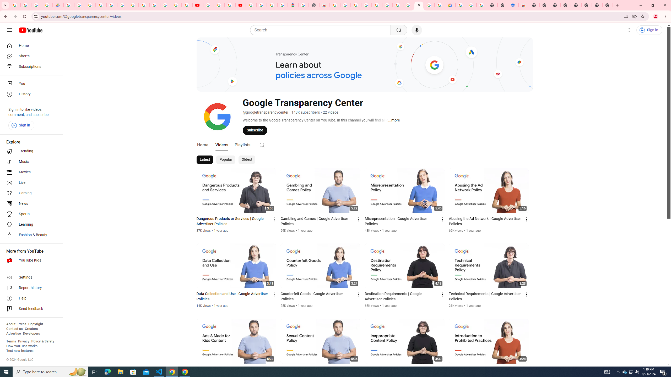 The width and height of the screenshot is (671, 377). I want to click on 'Subscriptions', so click(30, 66).